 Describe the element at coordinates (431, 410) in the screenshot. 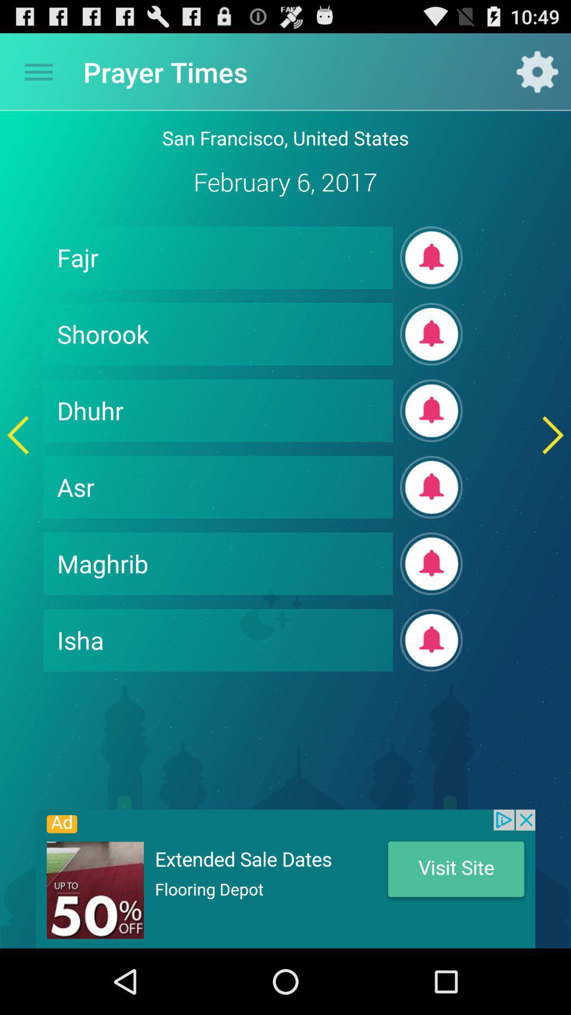

I see `bell` at that location.